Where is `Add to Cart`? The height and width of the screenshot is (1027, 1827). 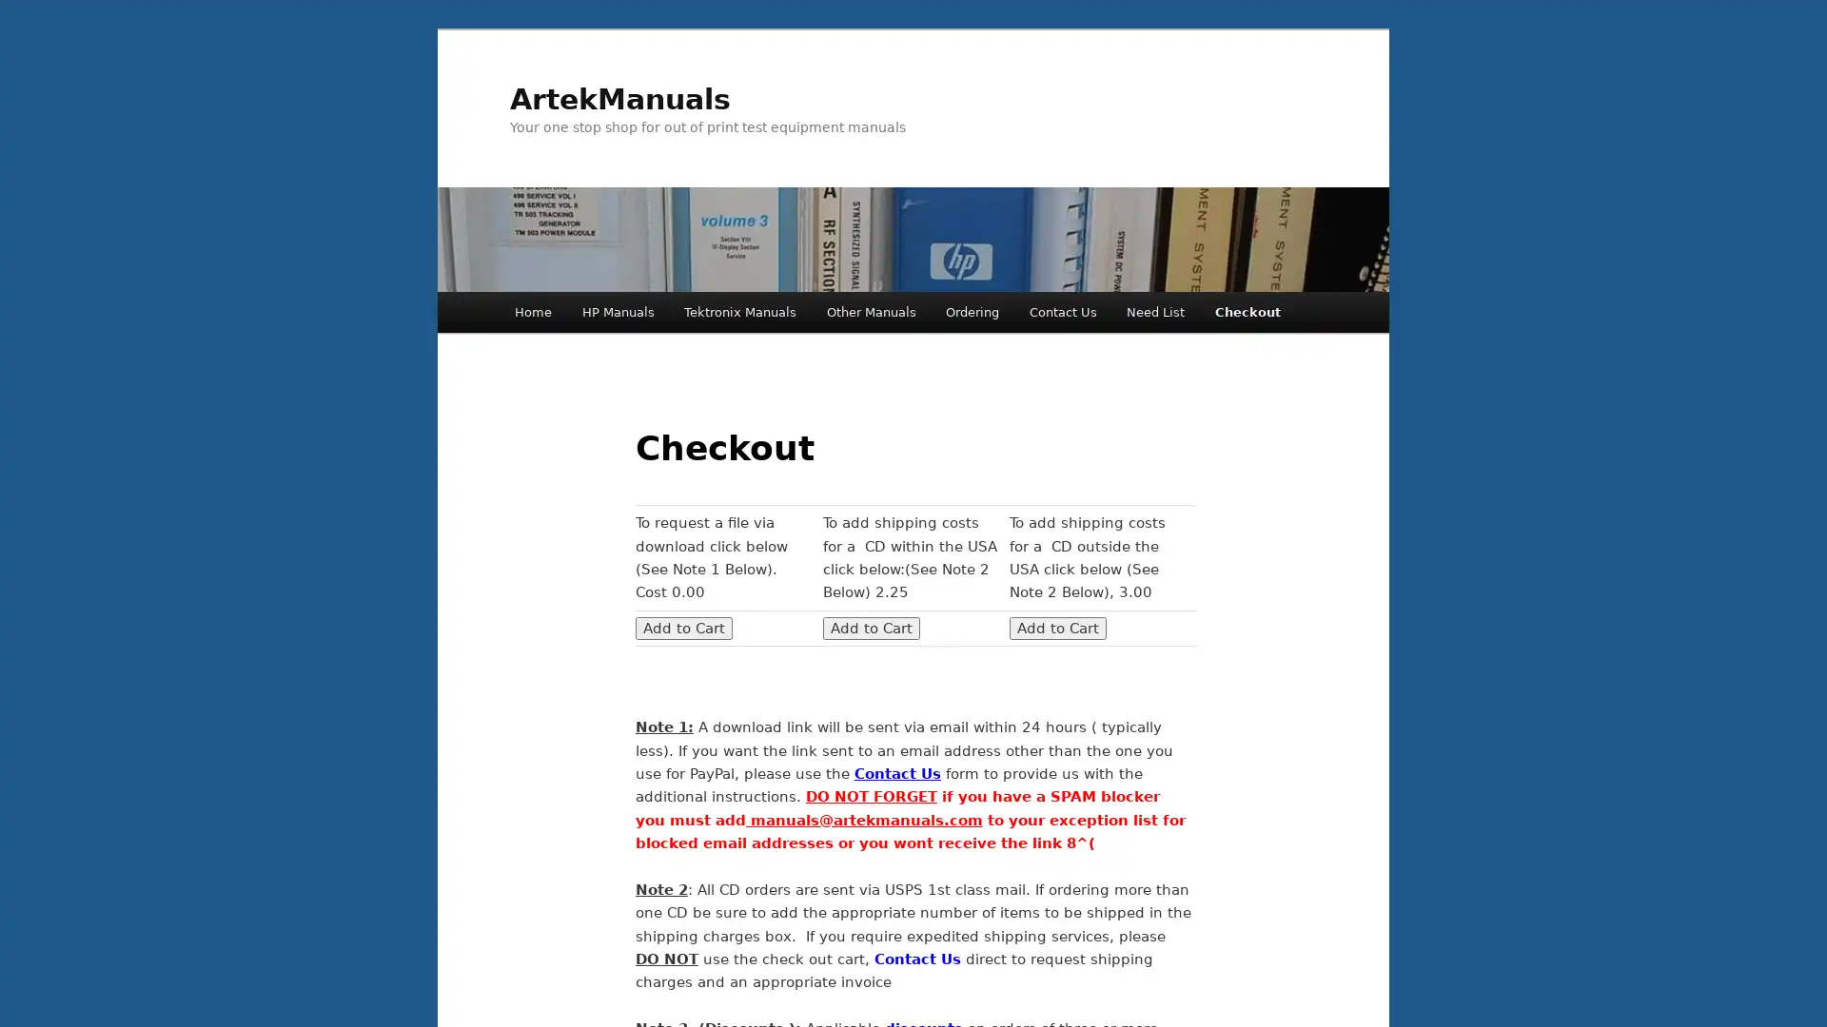
Add to Cart is located at coordinates (683, 627).